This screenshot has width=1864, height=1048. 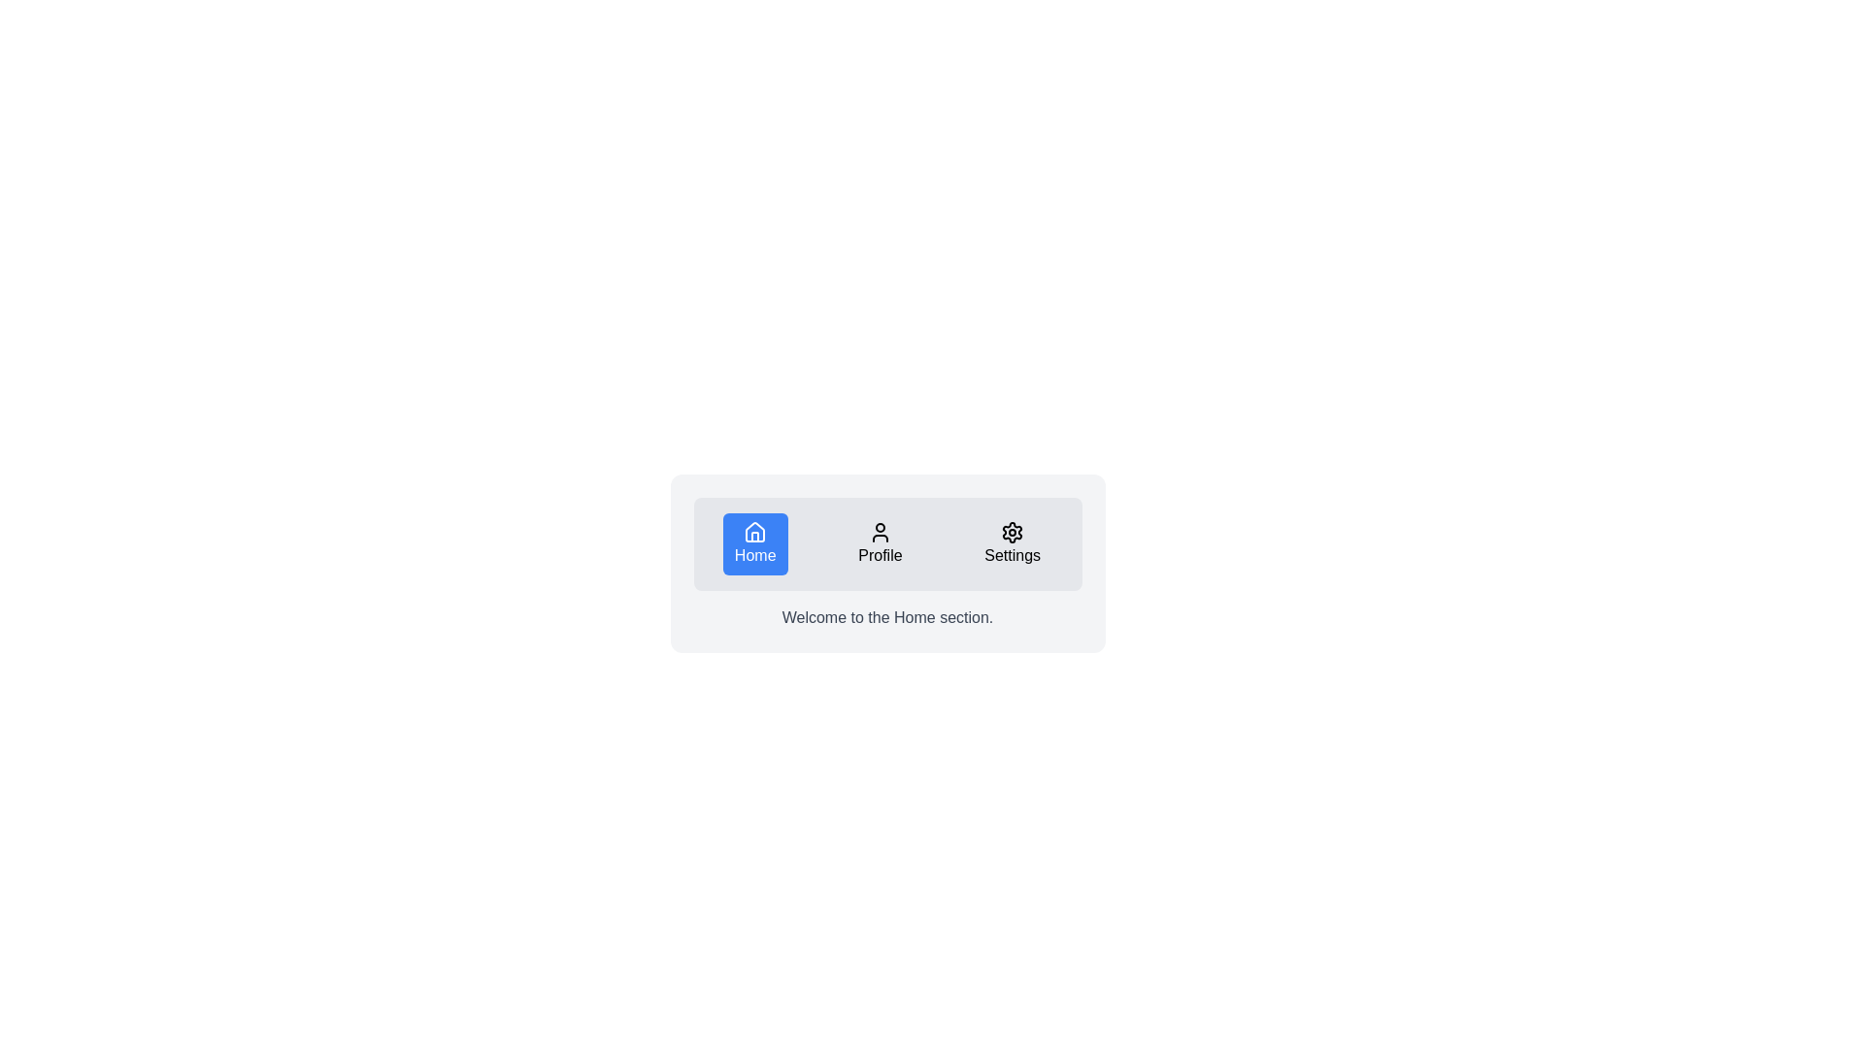 What do you see at coordinates (754, 543) in the screenshot?
I see `the leftmost navigation button that redirects to the Home section of the application` at bounding box center [754, 543].